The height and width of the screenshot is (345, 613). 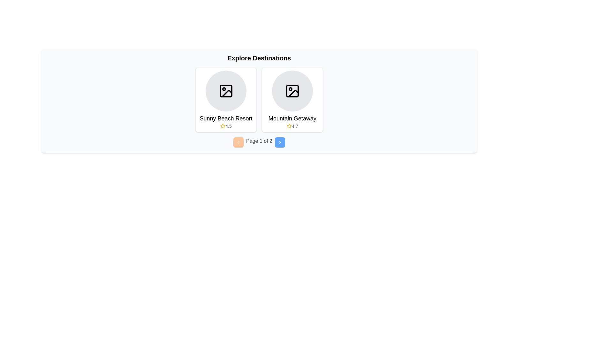 What do you see at coordinates (280, 142) in the screenshot?
I see `the right navigation arrow icon located at the bottom center of the interface` at bounding box center [280, 142].